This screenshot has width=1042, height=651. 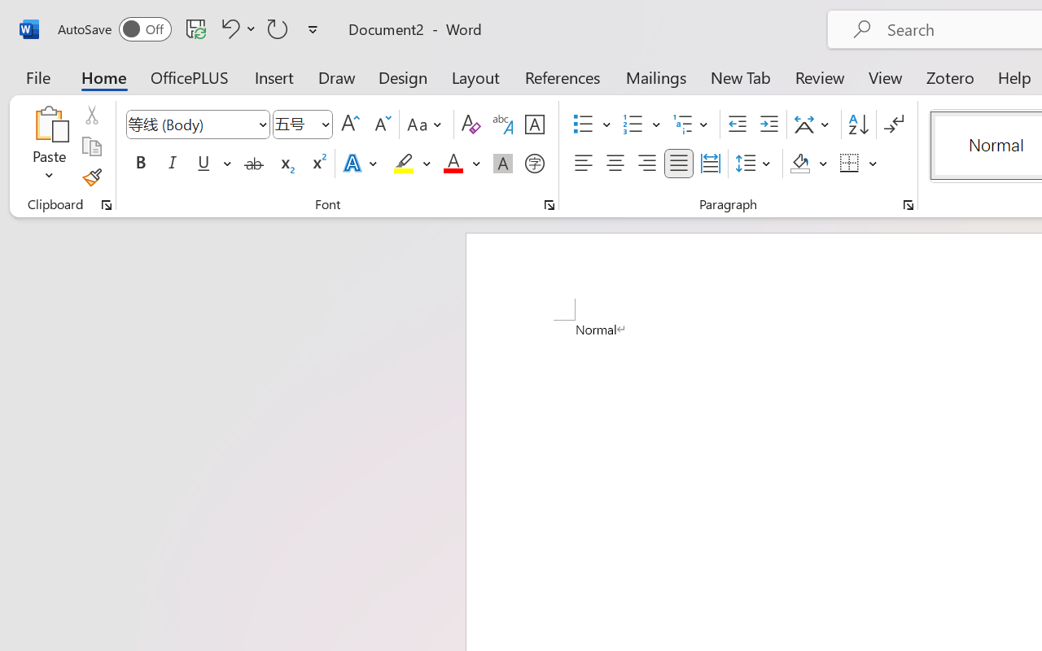 I want to click on 'Underline', so click(x=203, y=164).